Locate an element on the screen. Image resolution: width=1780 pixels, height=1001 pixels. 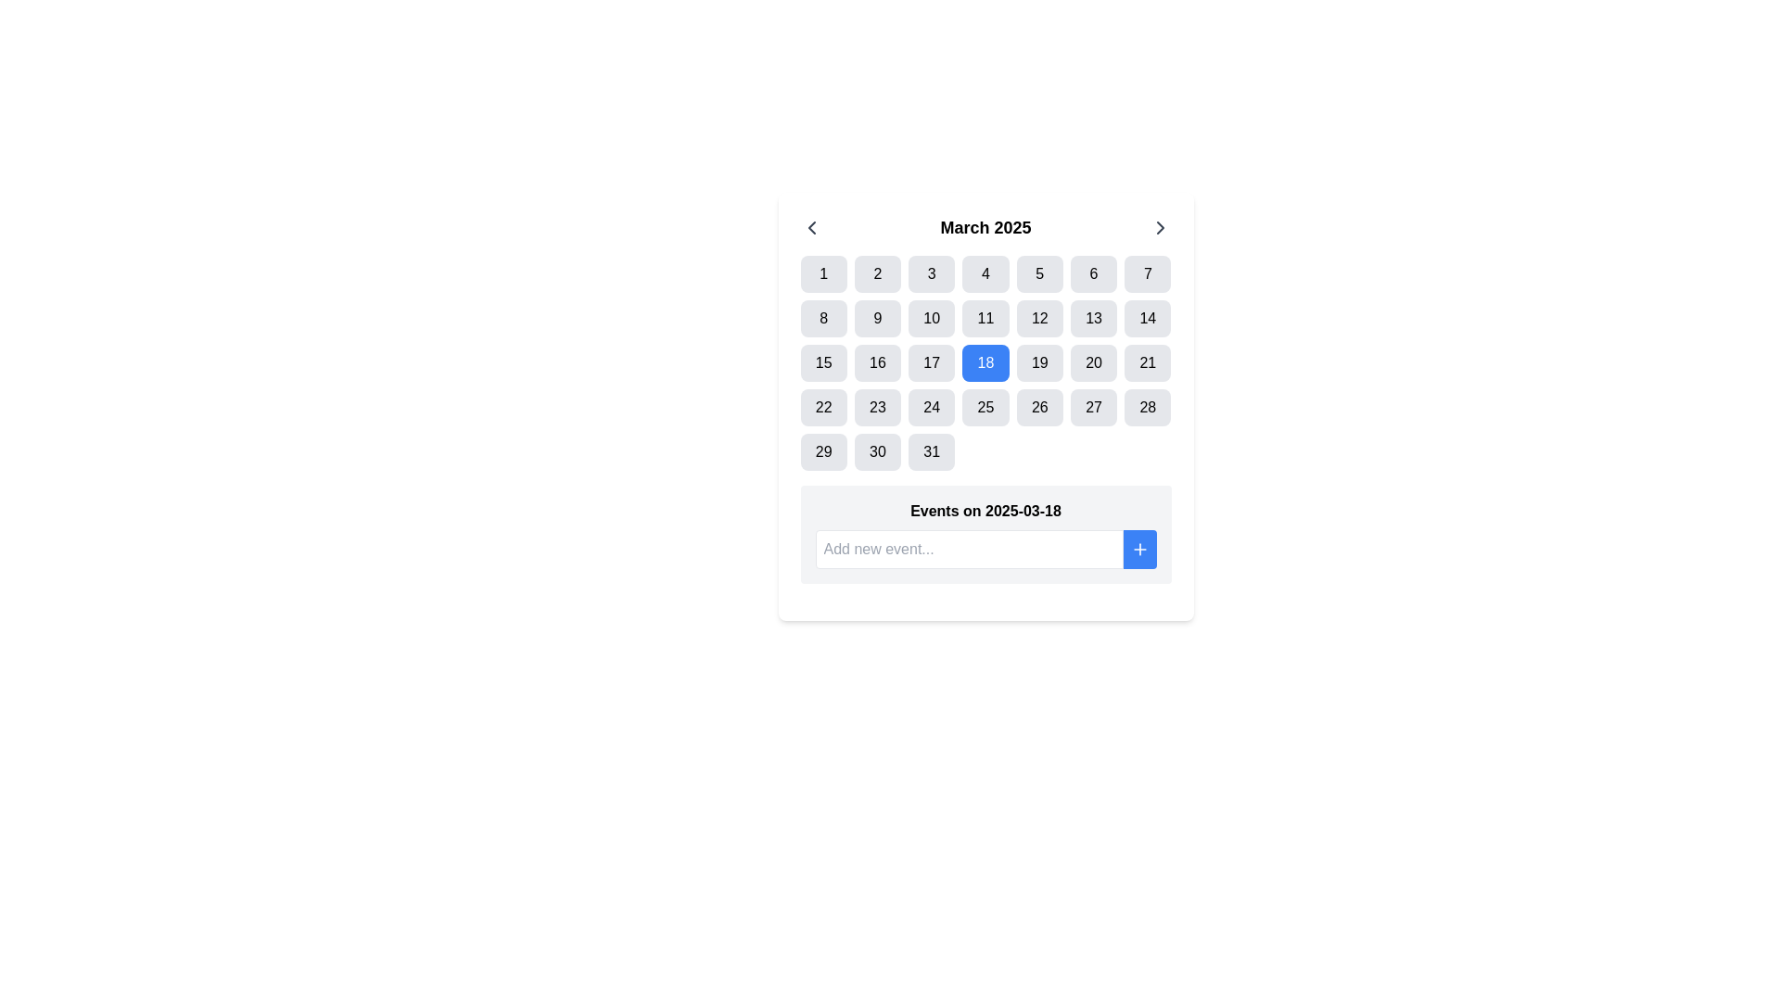
the grey-rounded square button containing the number '6' is located at coordinates (1094, 274).